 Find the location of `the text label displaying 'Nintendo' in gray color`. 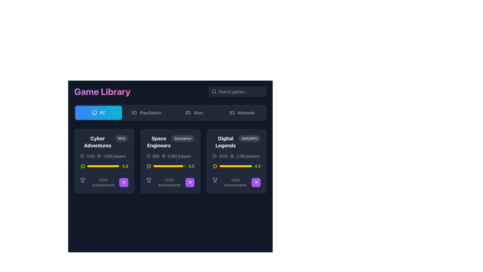

the text label displaying 'Nintendo' in gray color is located at coordinates (246, 112).